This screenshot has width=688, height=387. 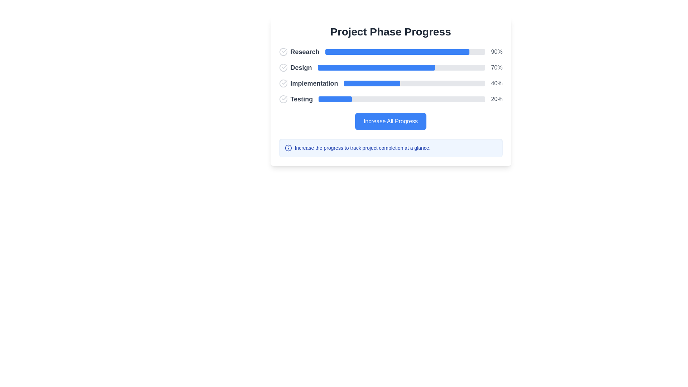 I want to click on the status of the Checkmark Icon, which is a circular icon with a checkmark in its center, located to the left of the bold text 'Research', so click(x=283, y=52).